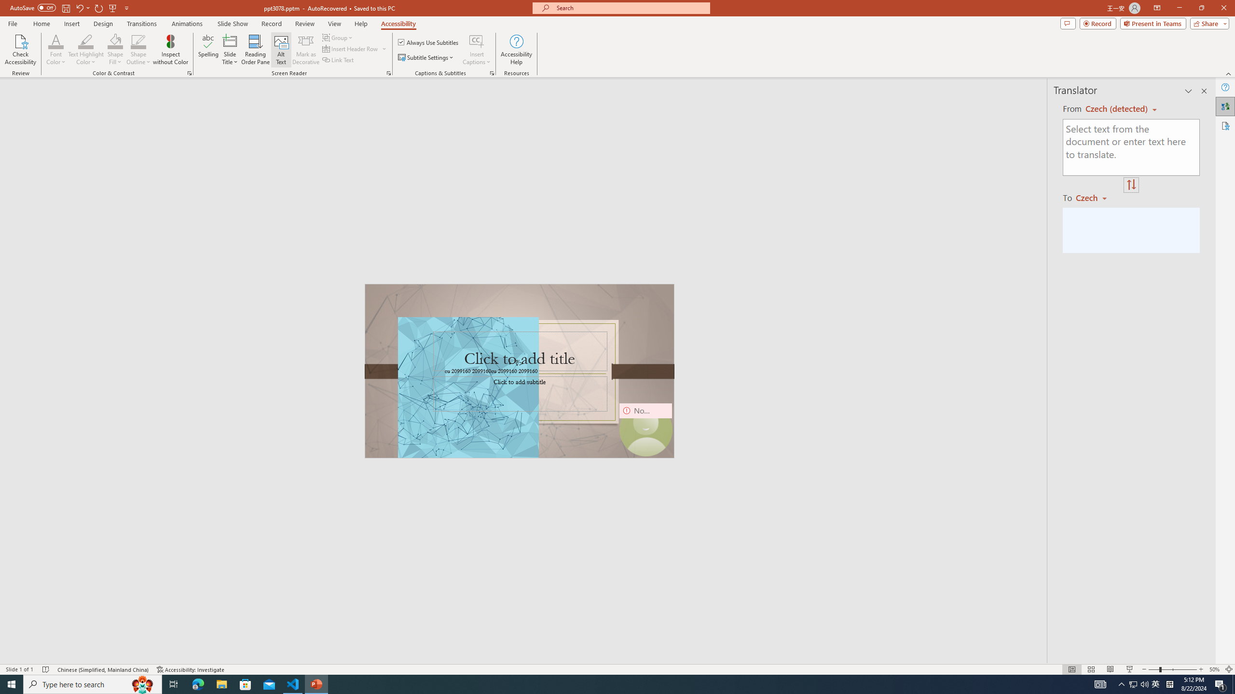  What do you see at coordinates (426, 57) in the screenshot?
I see `'Subtitle Settings'` at bounding box center [426, 57].